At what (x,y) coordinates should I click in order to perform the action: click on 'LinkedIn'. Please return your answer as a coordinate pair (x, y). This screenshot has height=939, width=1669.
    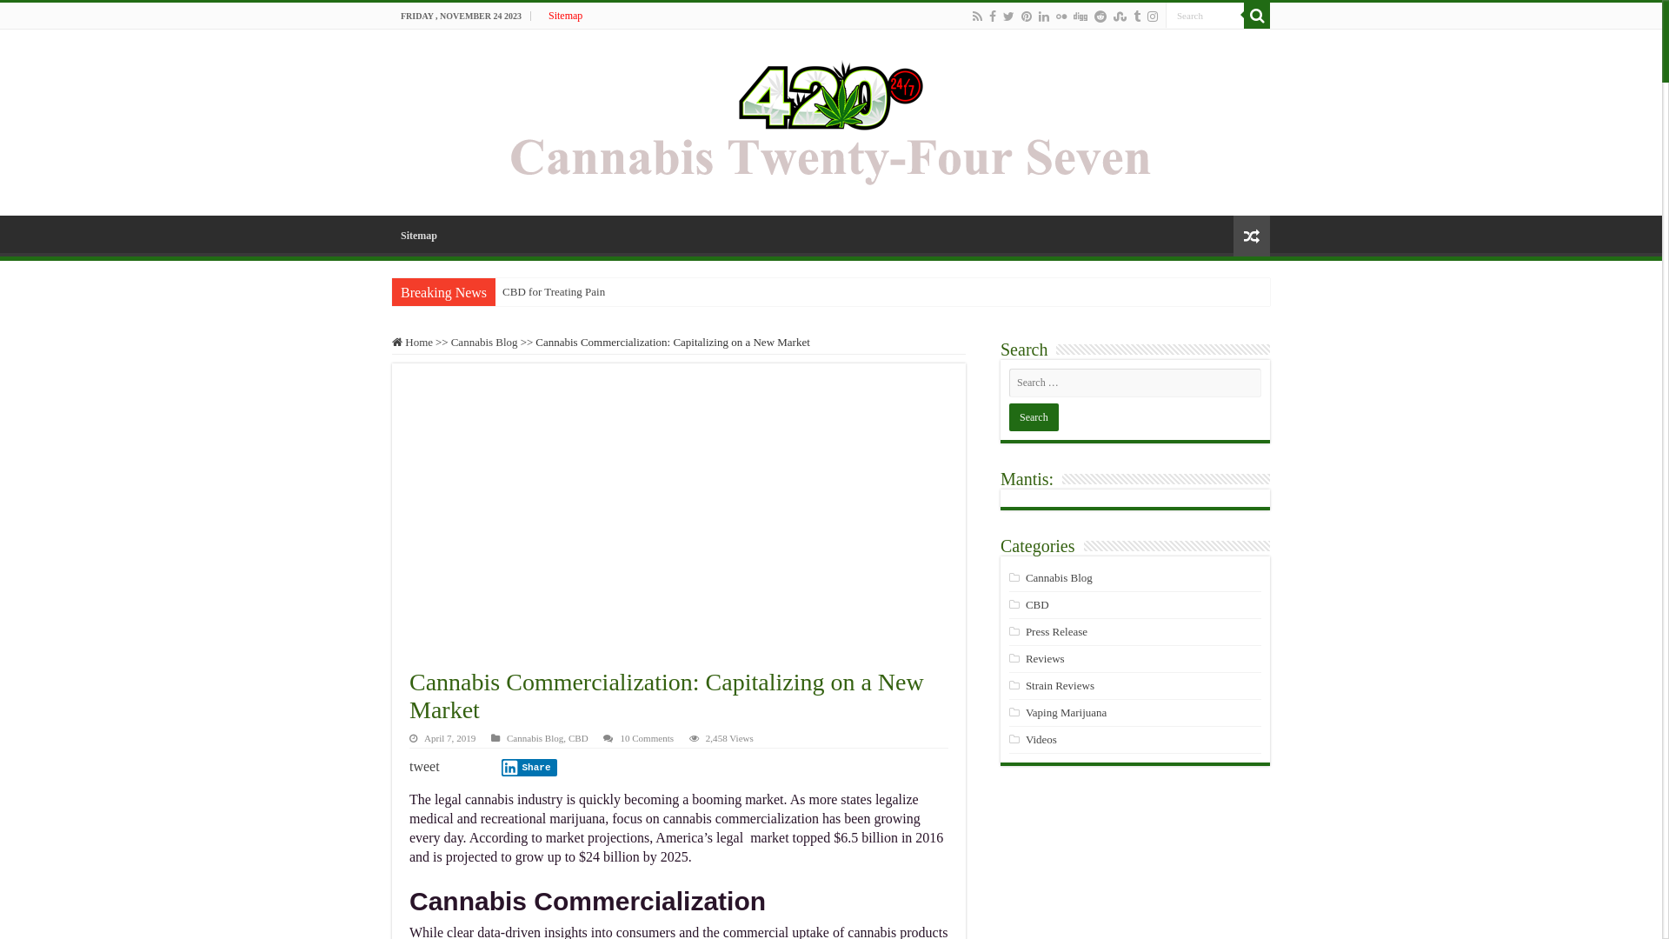
    Looking at the image, I should click on (1037, 17).